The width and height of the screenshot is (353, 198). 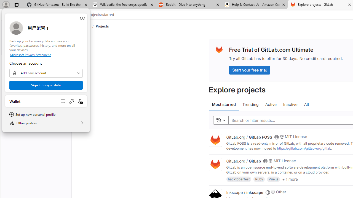 I want to click on 'All', so click(x=306, y=105).